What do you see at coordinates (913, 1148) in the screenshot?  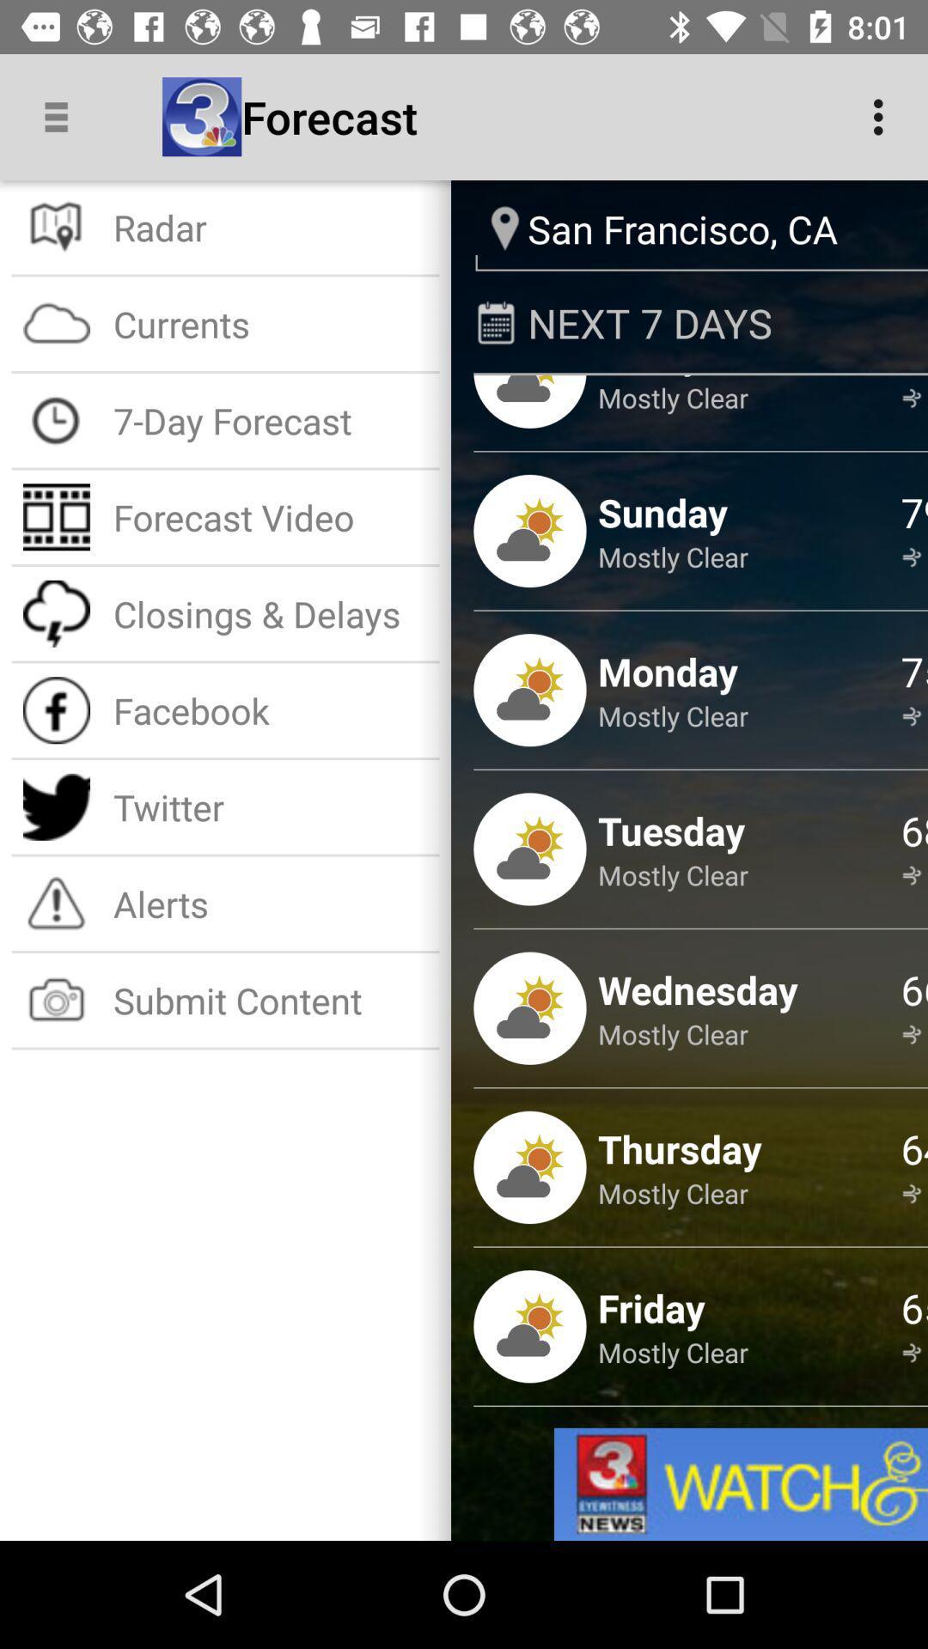 I see `the icon next to thursday` at bounding box center [913, 1148].